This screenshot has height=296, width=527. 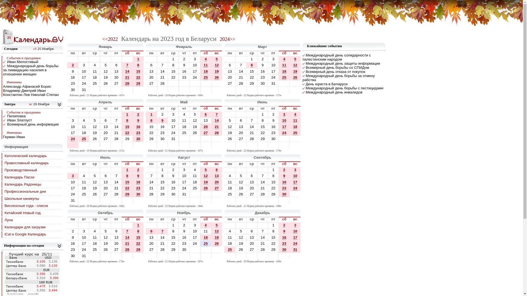 I want to click on '4', so click(x=205, y=59).